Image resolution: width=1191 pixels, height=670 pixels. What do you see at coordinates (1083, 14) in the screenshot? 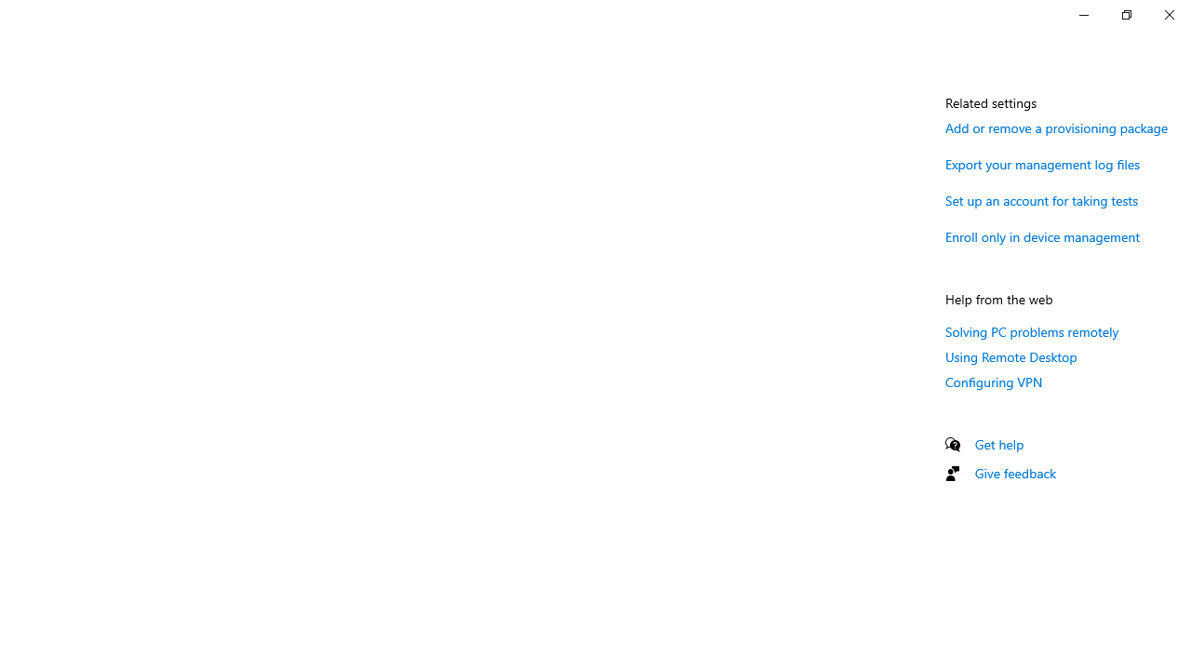
I see `'Minimize Settings'` at bounding box center [1083, 14].